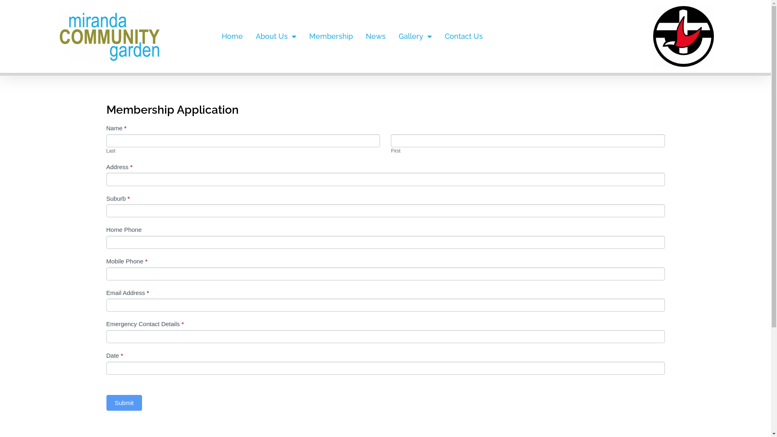 Image resolution: width=777 pixels, height=437 pixels. I want to click on 'News', so click(375, 36).